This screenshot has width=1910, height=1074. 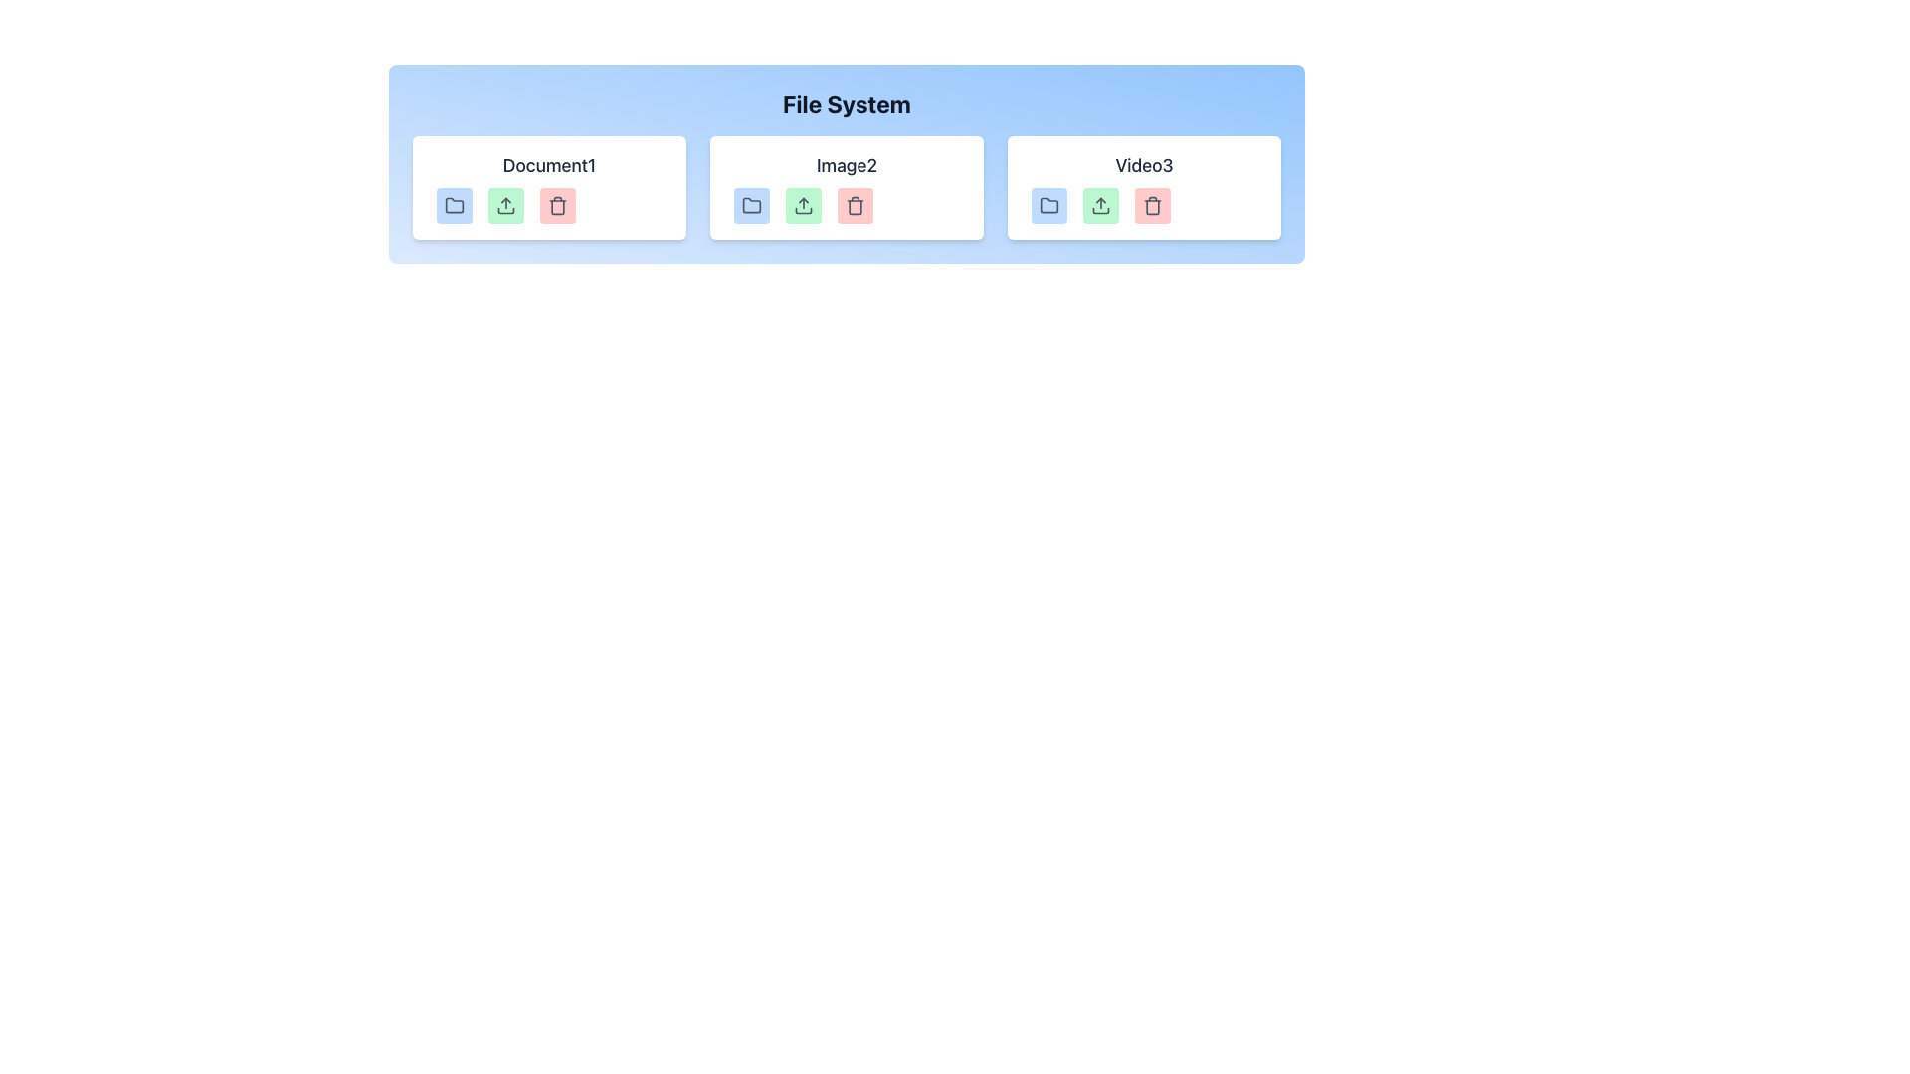 What do you see at coordinates (1152, 206) in the screenshot?
I see `the delete button for 'Video3', which is the third button in a horizontal row of action buttons` at bounding box center [1152, 206].